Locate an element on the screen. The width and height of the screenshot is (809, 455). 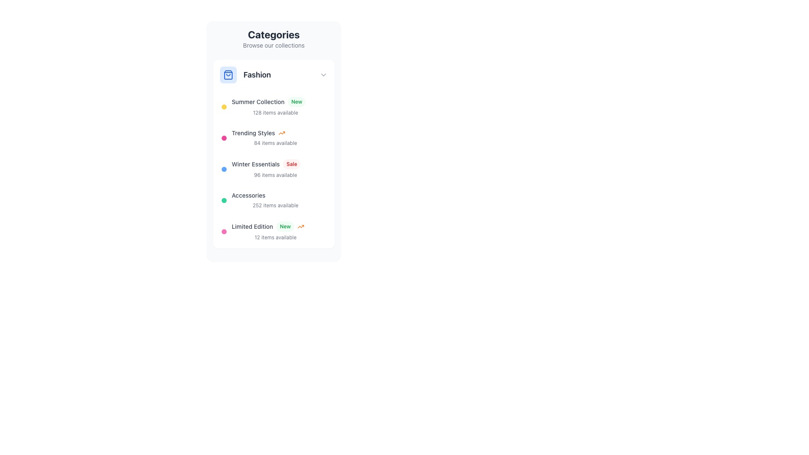
the 'Trending Styles' text label, which is the second item in the Fashion category list, displaying gray text that turns blue on hover is located at coordinates (253, 133).